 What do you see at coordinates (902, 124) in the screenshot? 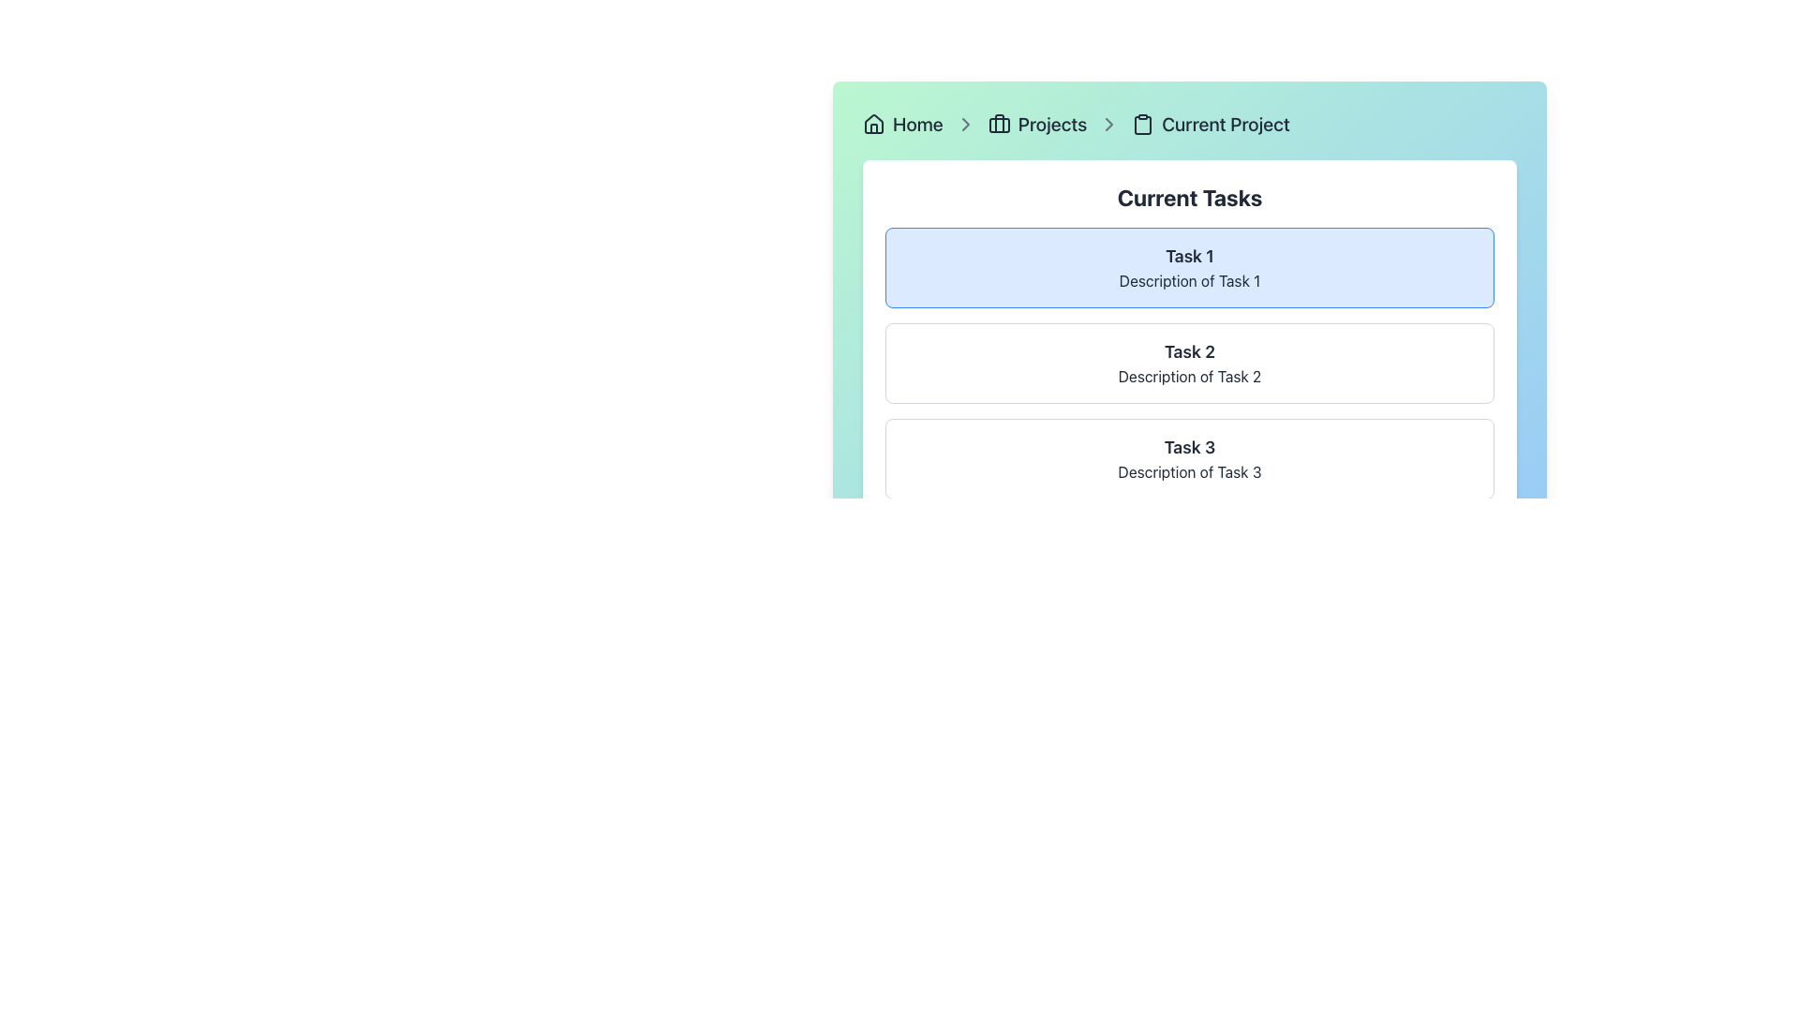
I see `the 'Home' breadcrumb navigation link` at bounding box center [902, 124].